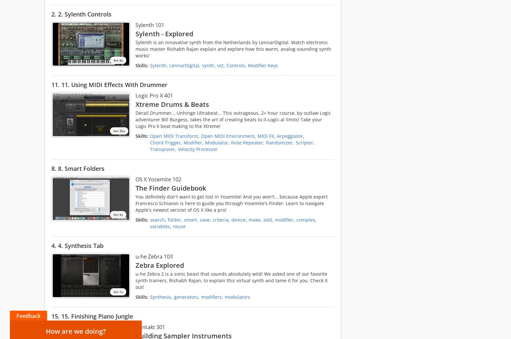 The height and width of the screenshot is (339, 511). What do you see at coordinates (227, 136) in the screenshot?
I see `'Open MIDI Environment'` at bounding box center [227, 136].